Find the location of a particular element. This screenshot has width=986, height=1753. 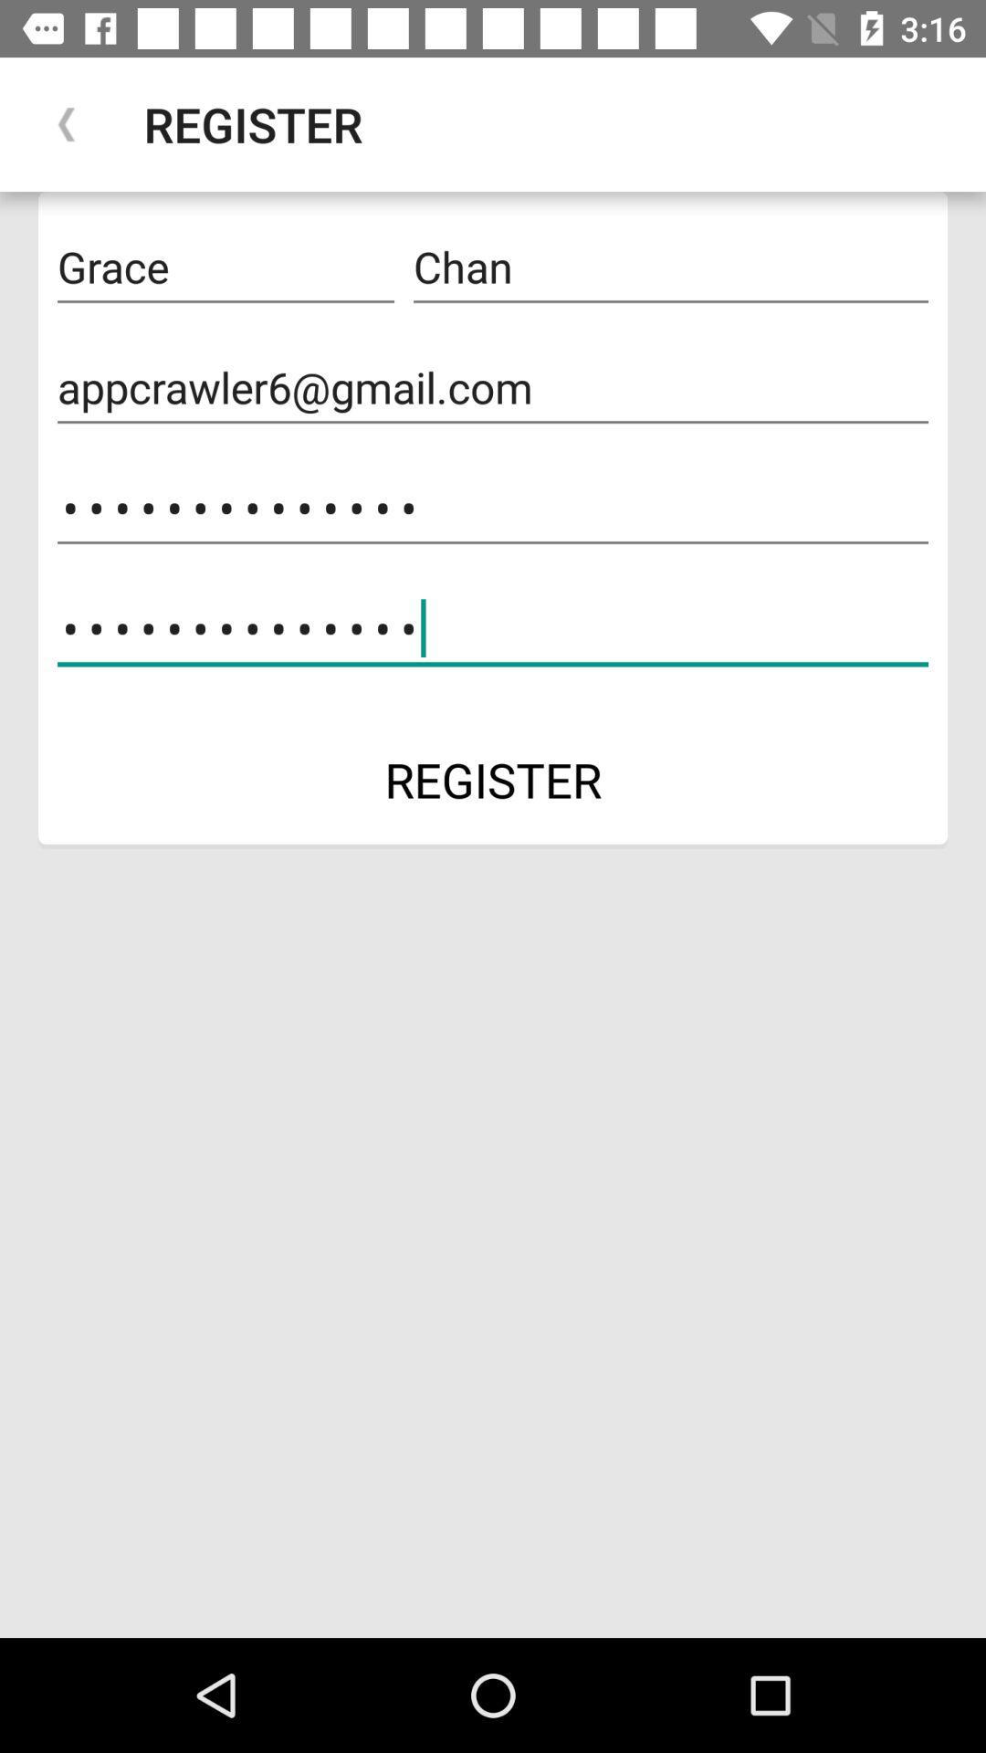

the icon below the grace icon is located at coordinates (493, 387).